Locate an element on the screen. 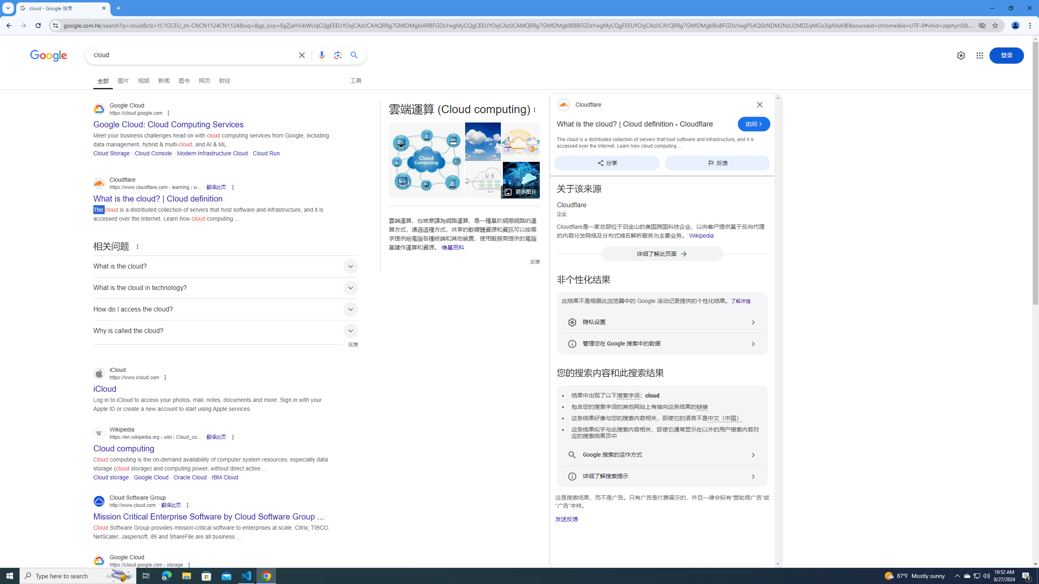 The height and width of the screenshot is (584, 1039). 'What is cloud computing? Everything you need to know now ...' is located at coordinates (521, 180).